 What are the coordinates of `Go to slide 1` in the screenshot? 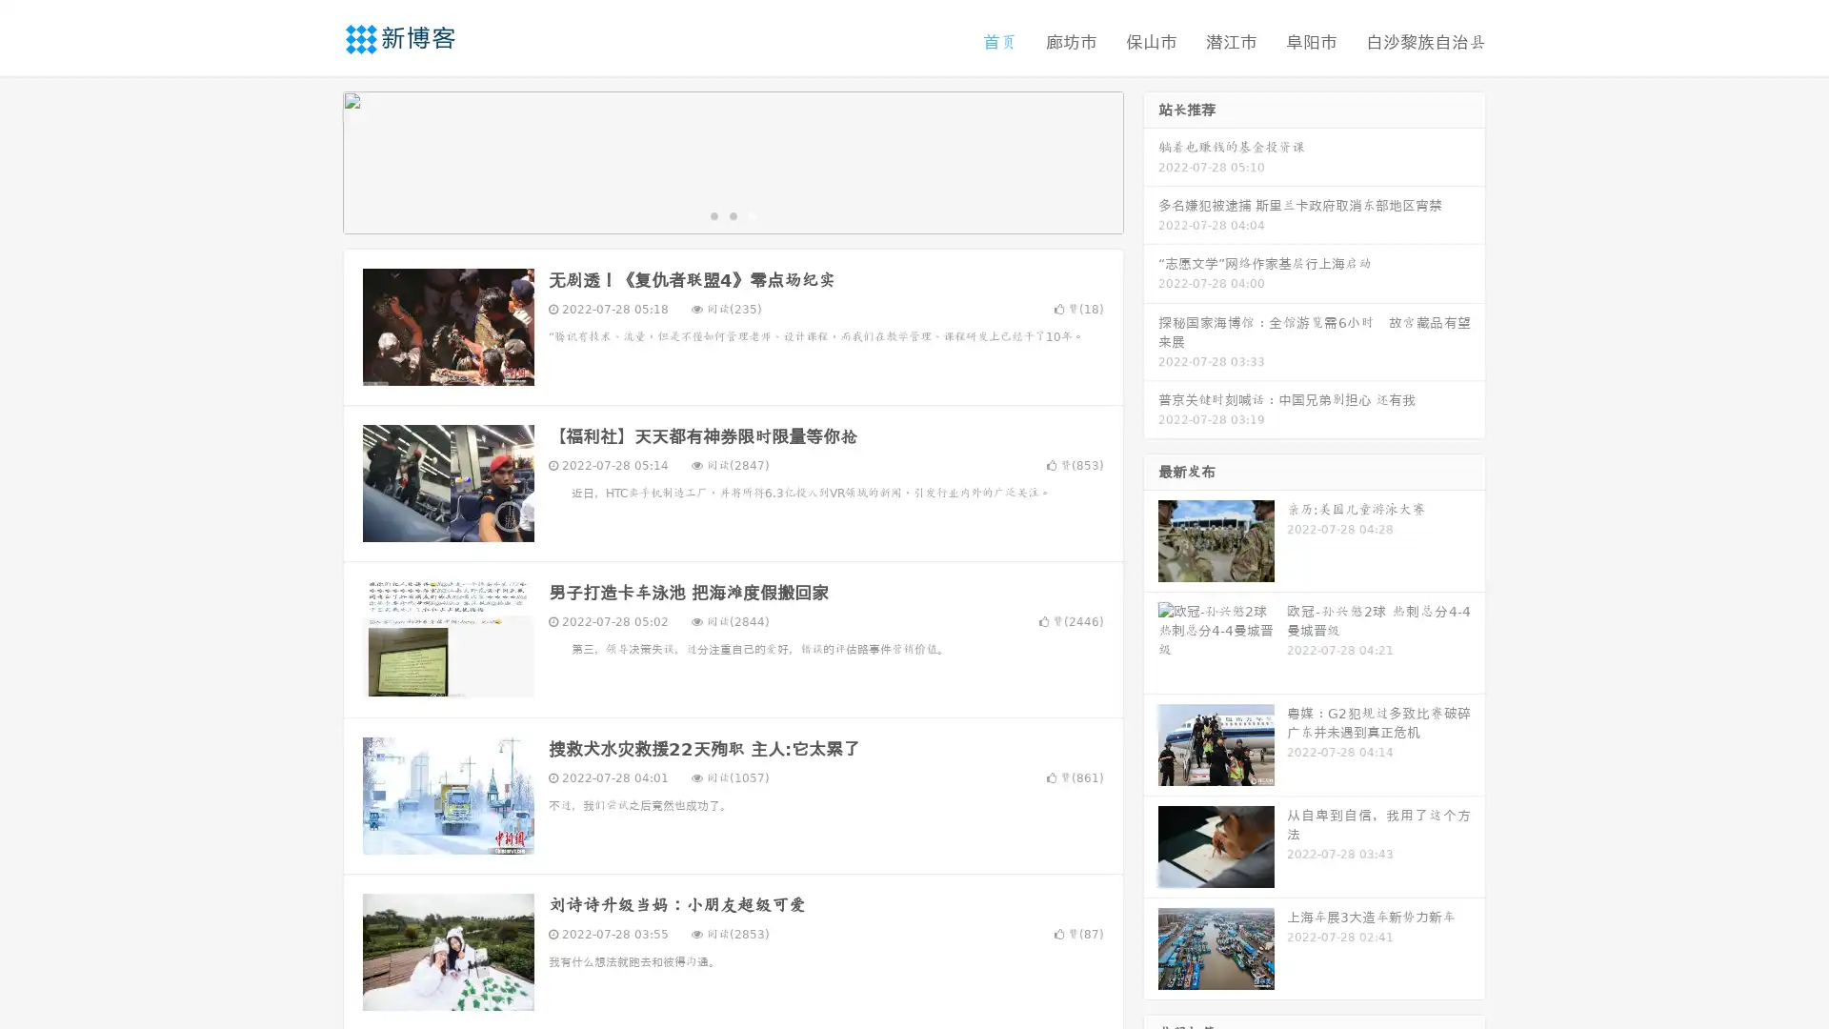 It's located at (713, 214).